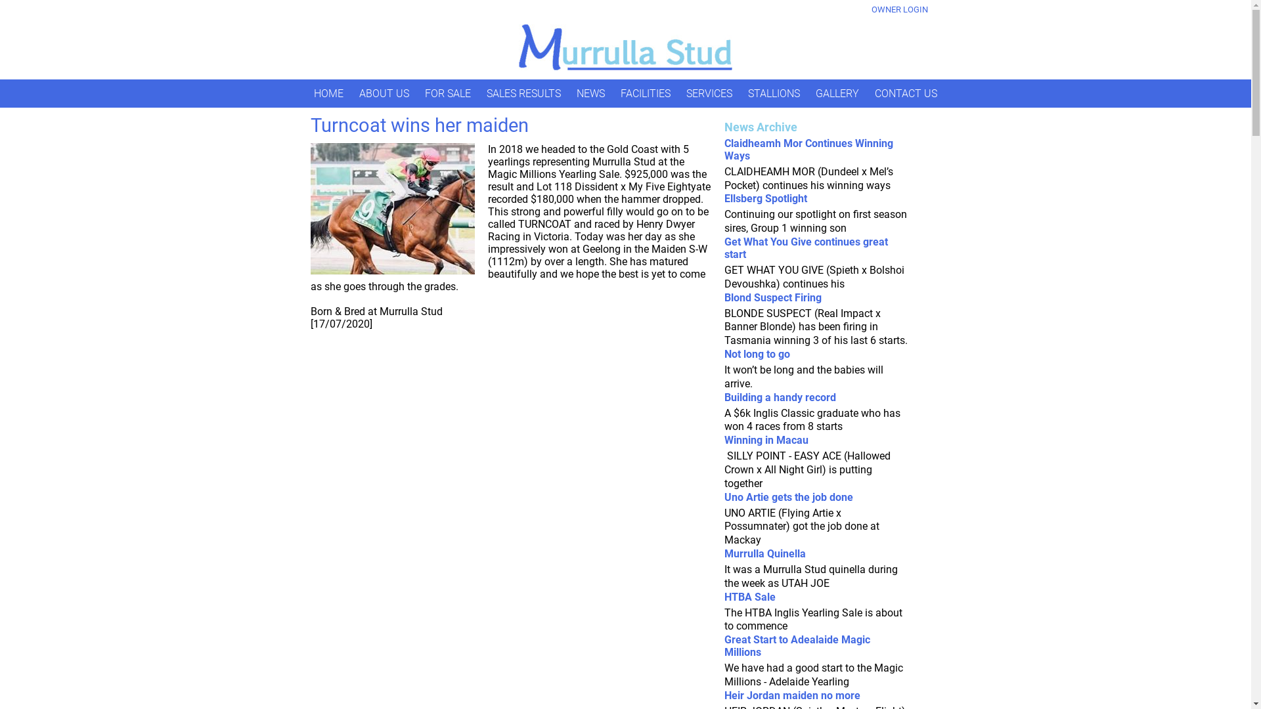 The width and height of the screenshot is (1261, 709). Describe the element at coordinates (766, 440) in the screenshot. I see `'Winning in Macau'` at that location.